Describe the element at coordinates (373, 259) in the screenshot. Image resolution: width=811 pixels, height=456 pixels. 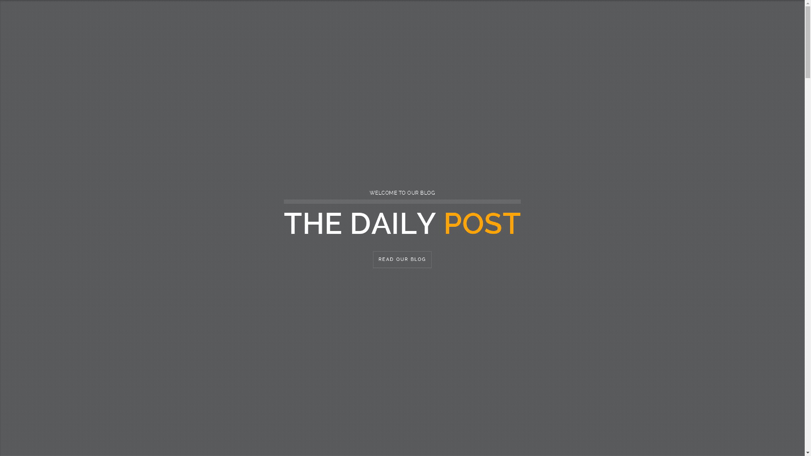
I see `'READ OUR BLOG'` at that location.